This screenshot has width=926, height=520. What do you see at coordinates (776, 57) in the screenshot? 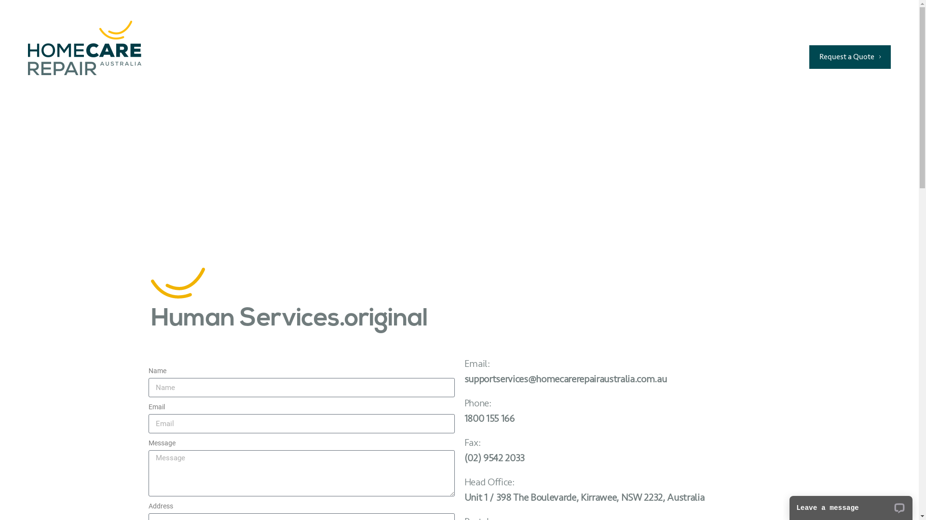
I see `'Log In'` at bounding box center [776, 57].